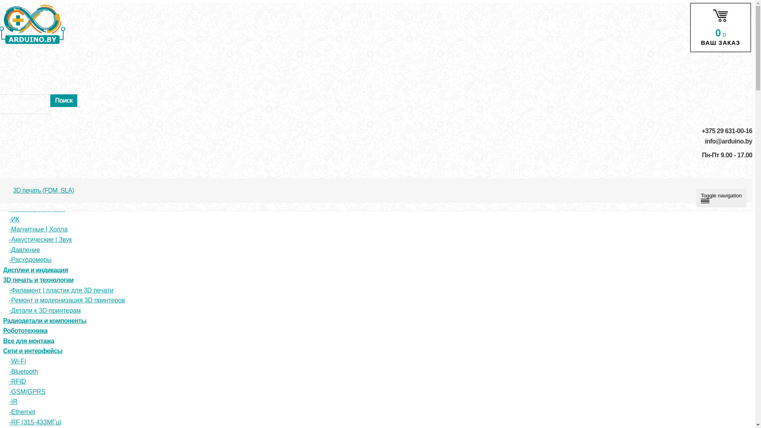  What do you see at coordinates (17, 361) in the screenshot?
I see `'Wi-Fi'` at bounding box center [17, 361].